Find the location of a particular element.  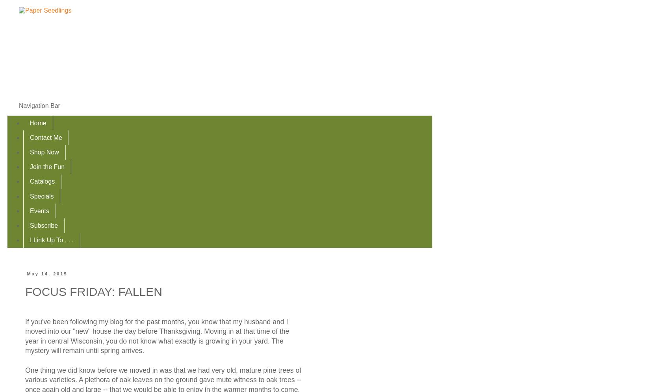

'Specials' is located at coordinates (41, 196).